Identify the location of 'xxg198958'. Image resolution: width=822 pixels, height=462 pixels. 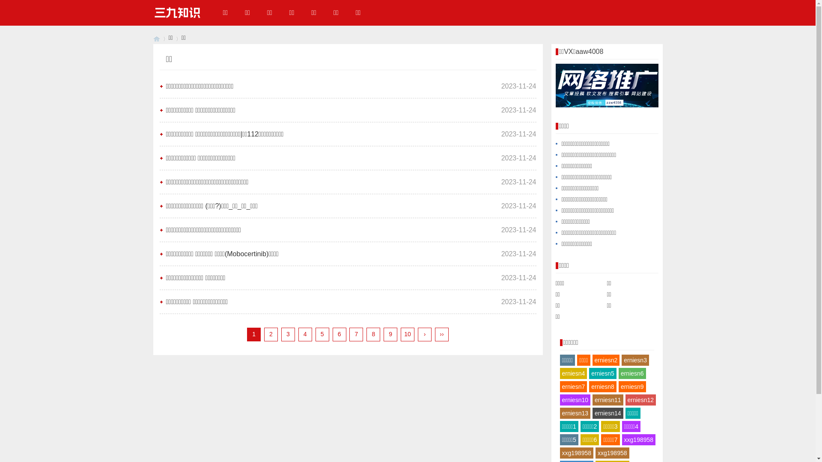
(577, 453).